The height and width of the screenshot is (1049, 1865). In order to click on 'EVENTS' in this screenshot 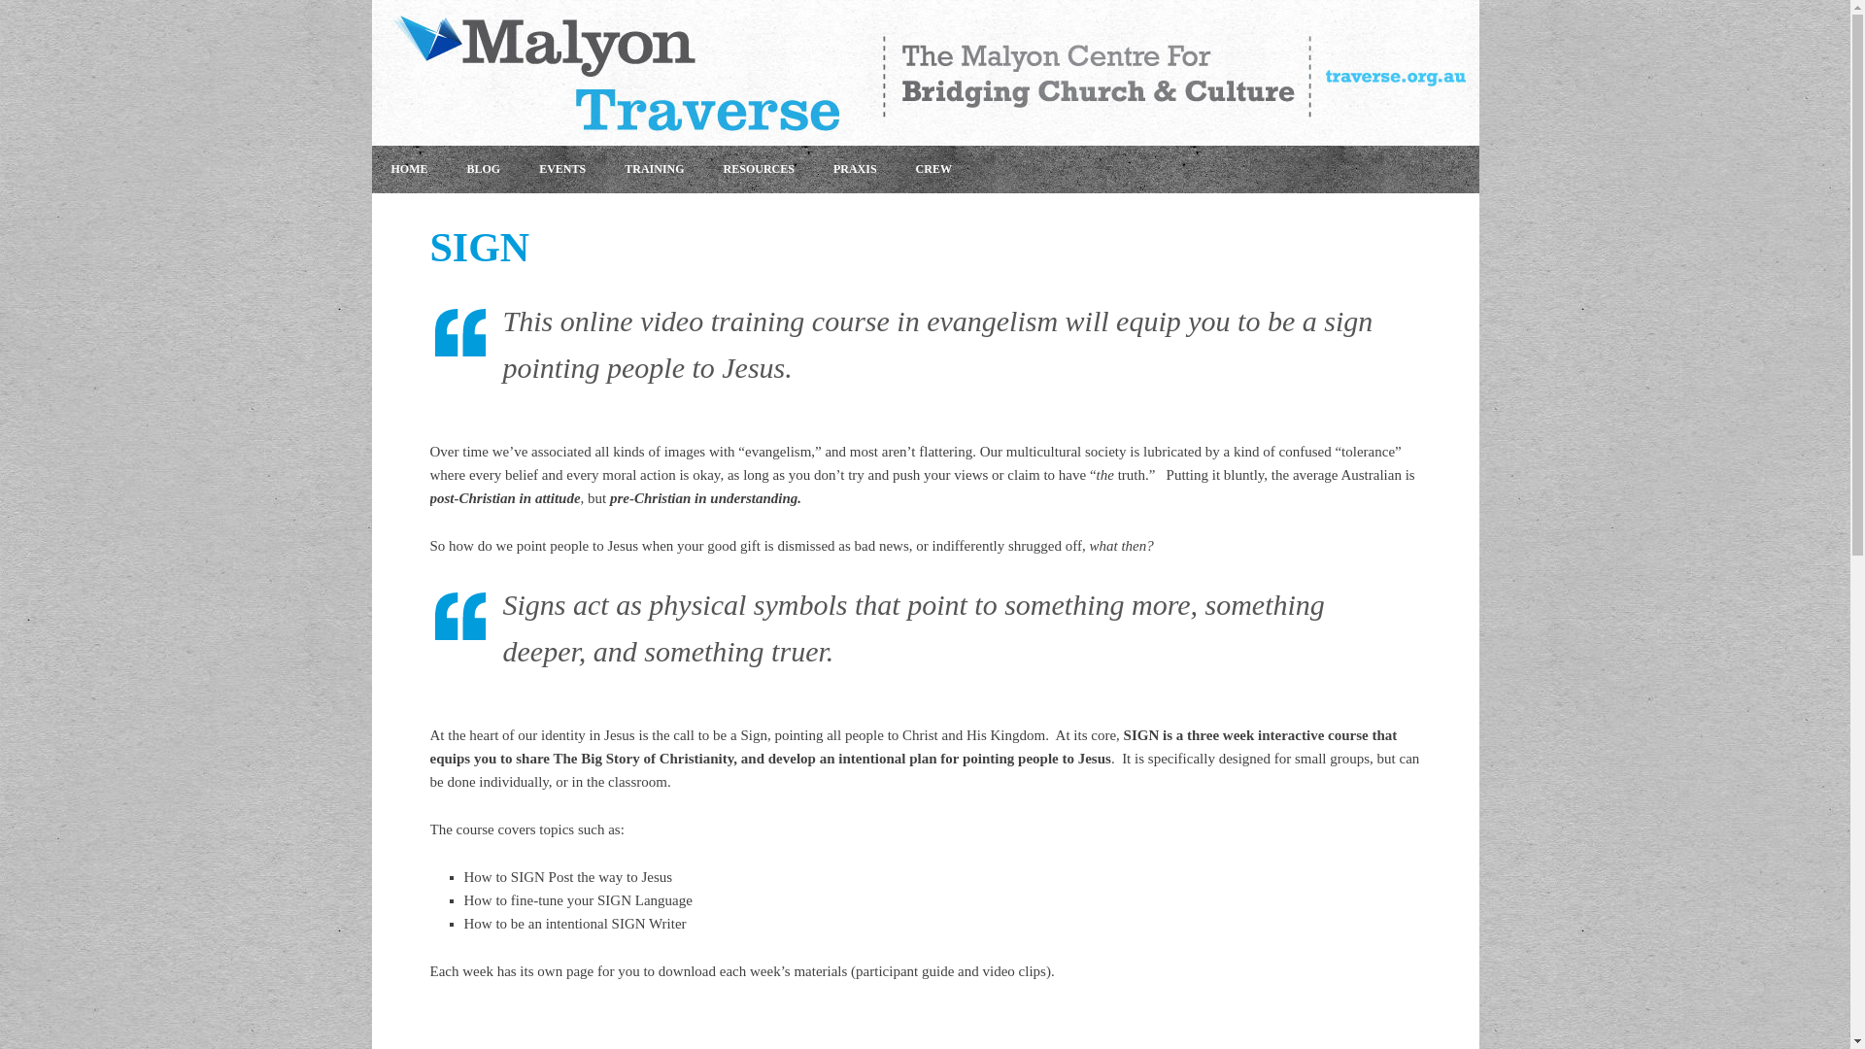, I will do `click(561, 168)`.